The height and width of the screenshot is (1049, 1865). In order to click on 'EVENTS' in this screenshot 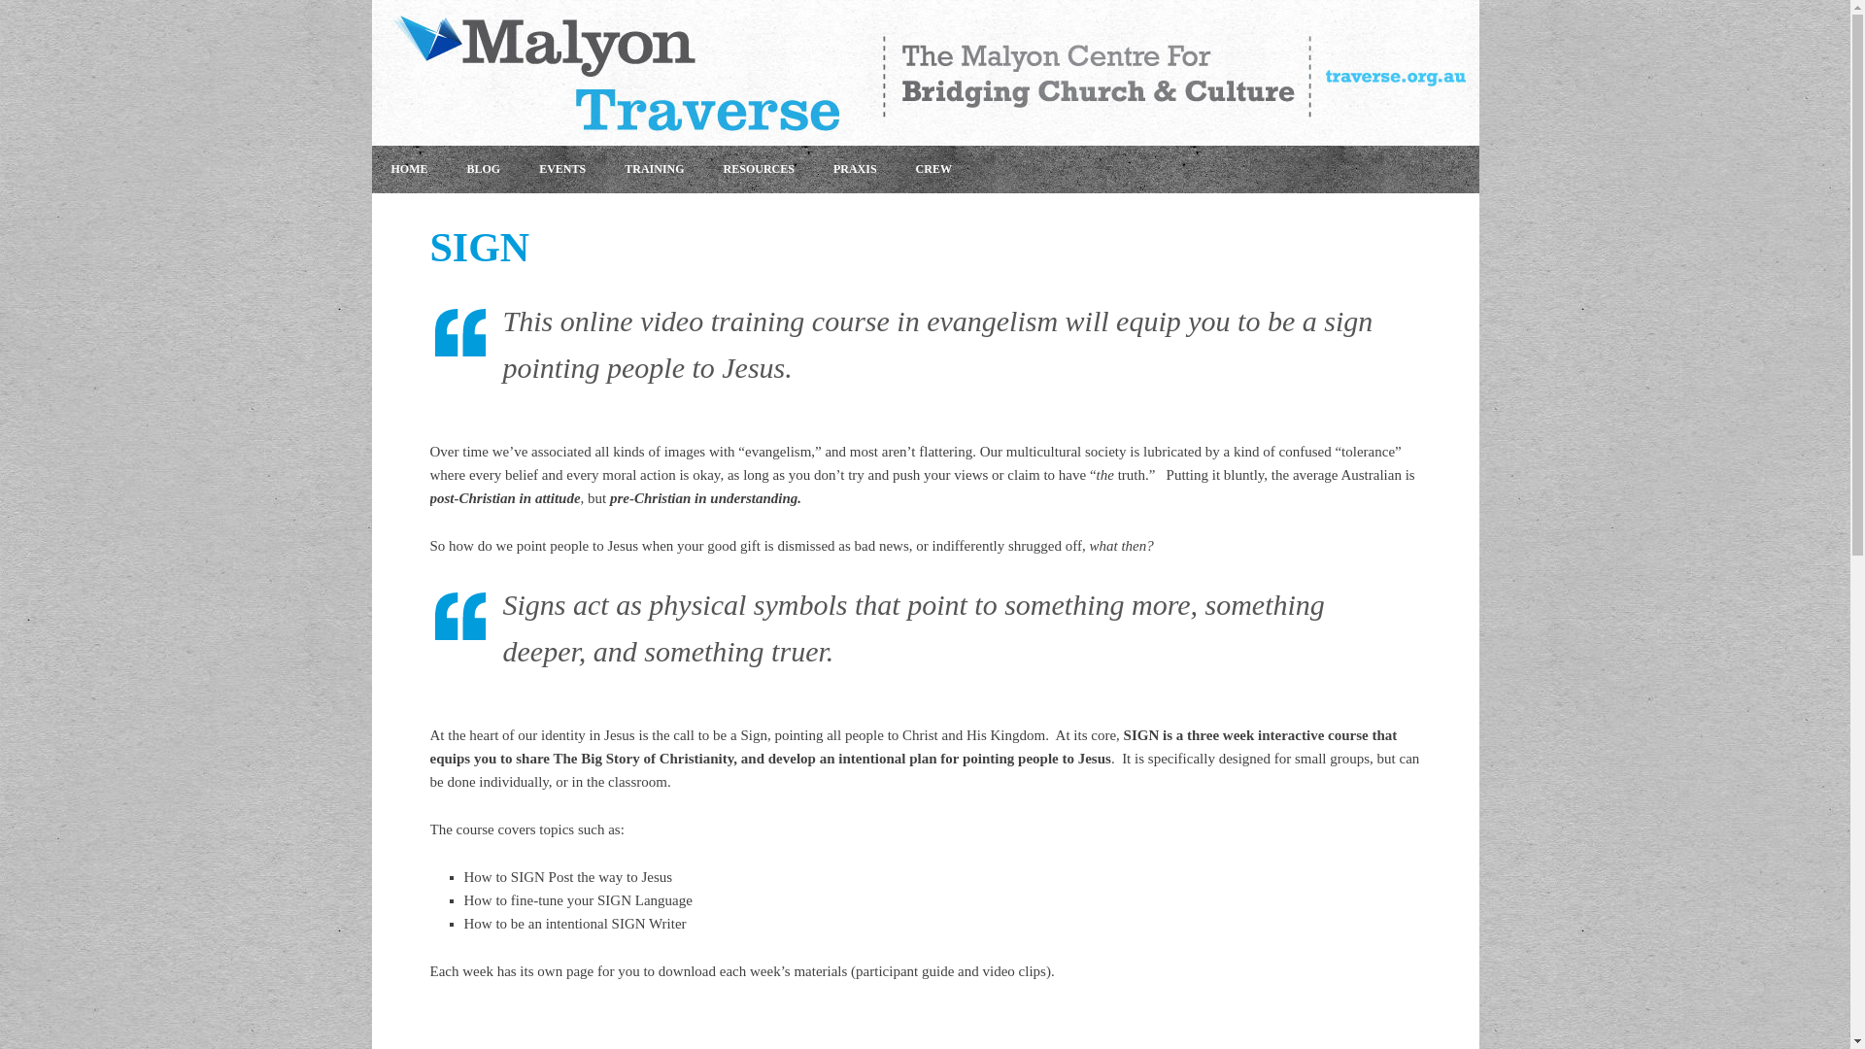, I will do `click(561, 168)`.